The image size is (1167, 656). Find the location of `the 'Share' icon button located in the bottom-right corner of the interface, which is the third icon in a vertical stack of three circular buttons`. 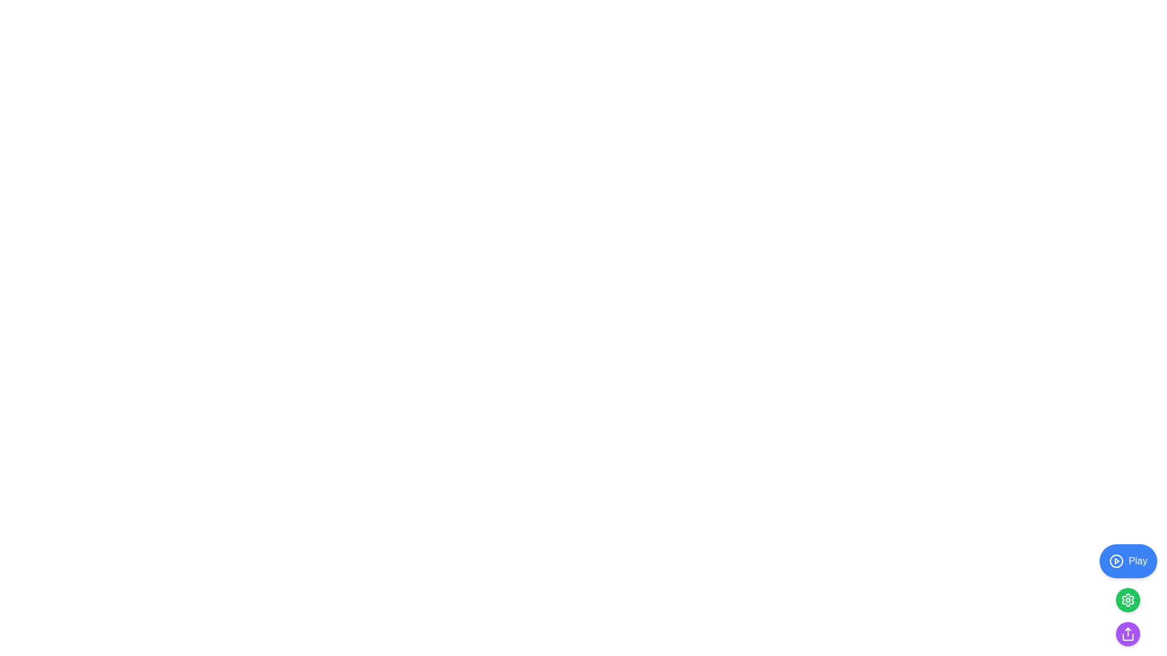

the 'Share' icon button located in the bottom-right corner of the interface, which is the third icon in a vertical stack of three circular buttons is located at coordinates (1127, 634).